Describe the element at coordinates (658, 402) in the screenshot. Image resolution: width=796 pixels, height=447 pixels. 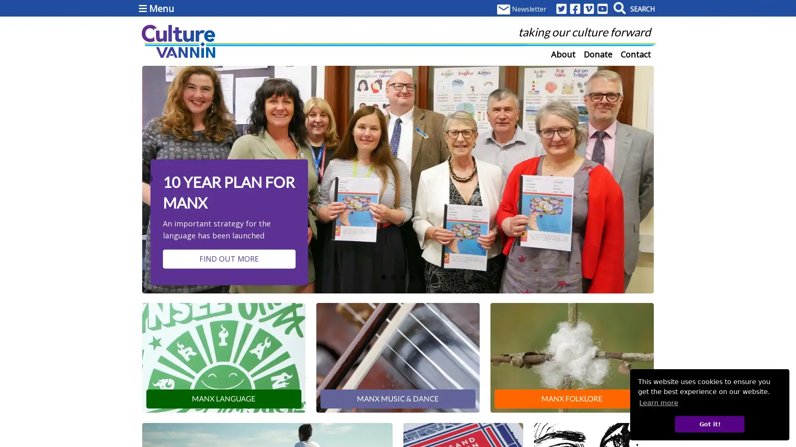
I see `learn more about cookies` at that location.